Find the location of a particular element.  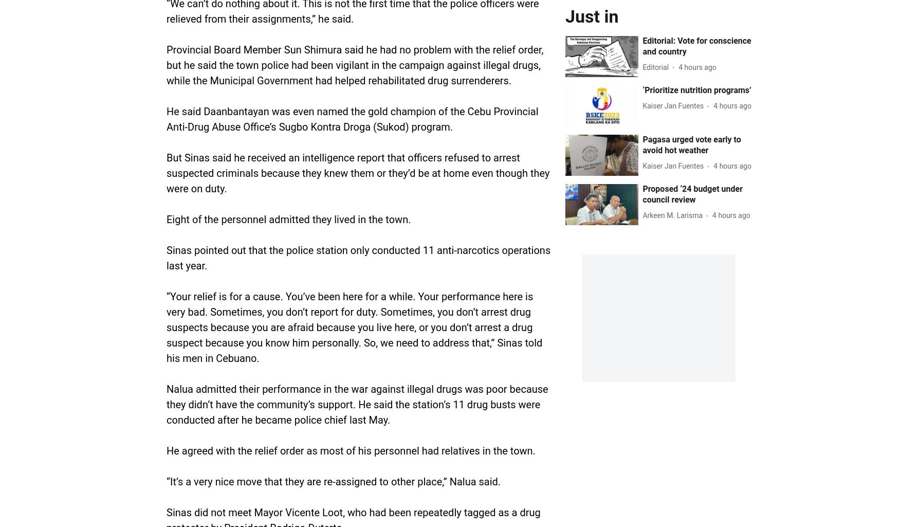

'Nalua admitted their performance in the war against illegal drugs was poor because they didn’t have the community’s support. He said the station’s 11 drug busts were conducted after he became police chief last May.' is located at coordinates (356, 404).